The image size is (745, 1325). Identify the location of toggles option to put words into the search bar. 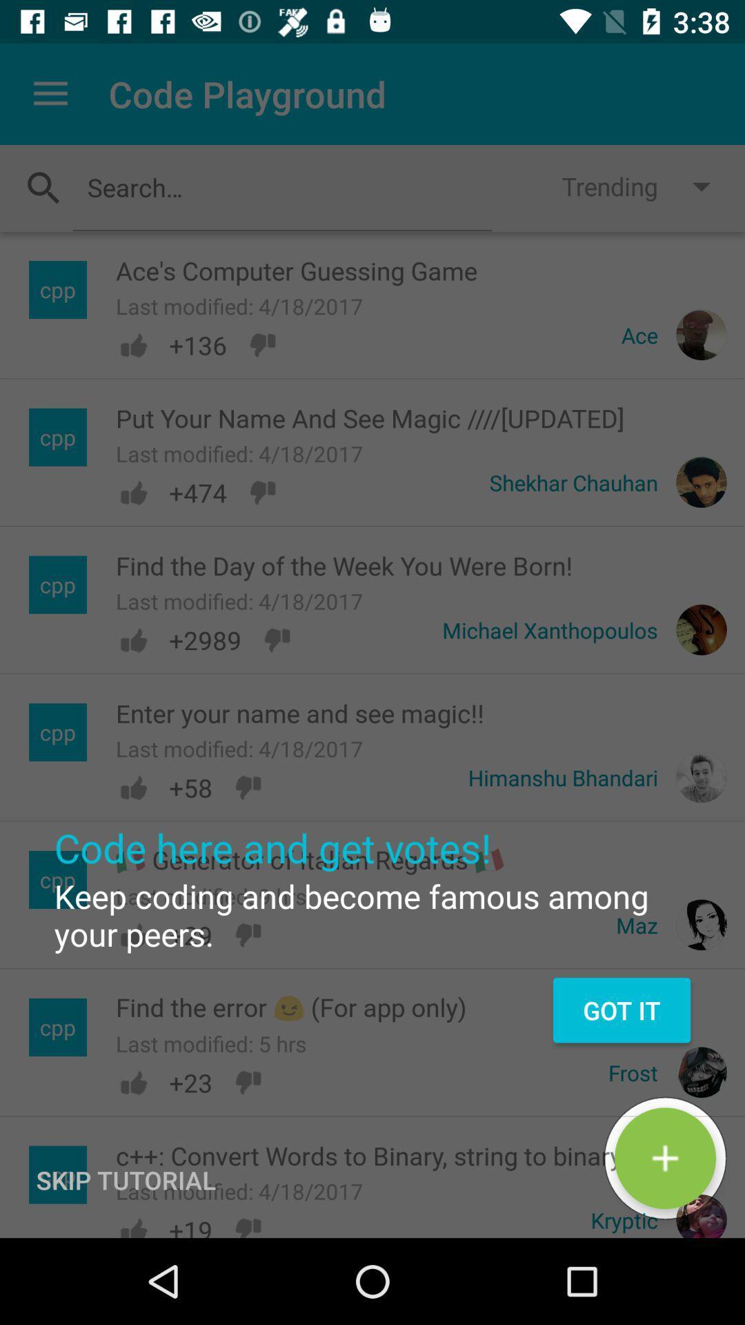
(281, 186).